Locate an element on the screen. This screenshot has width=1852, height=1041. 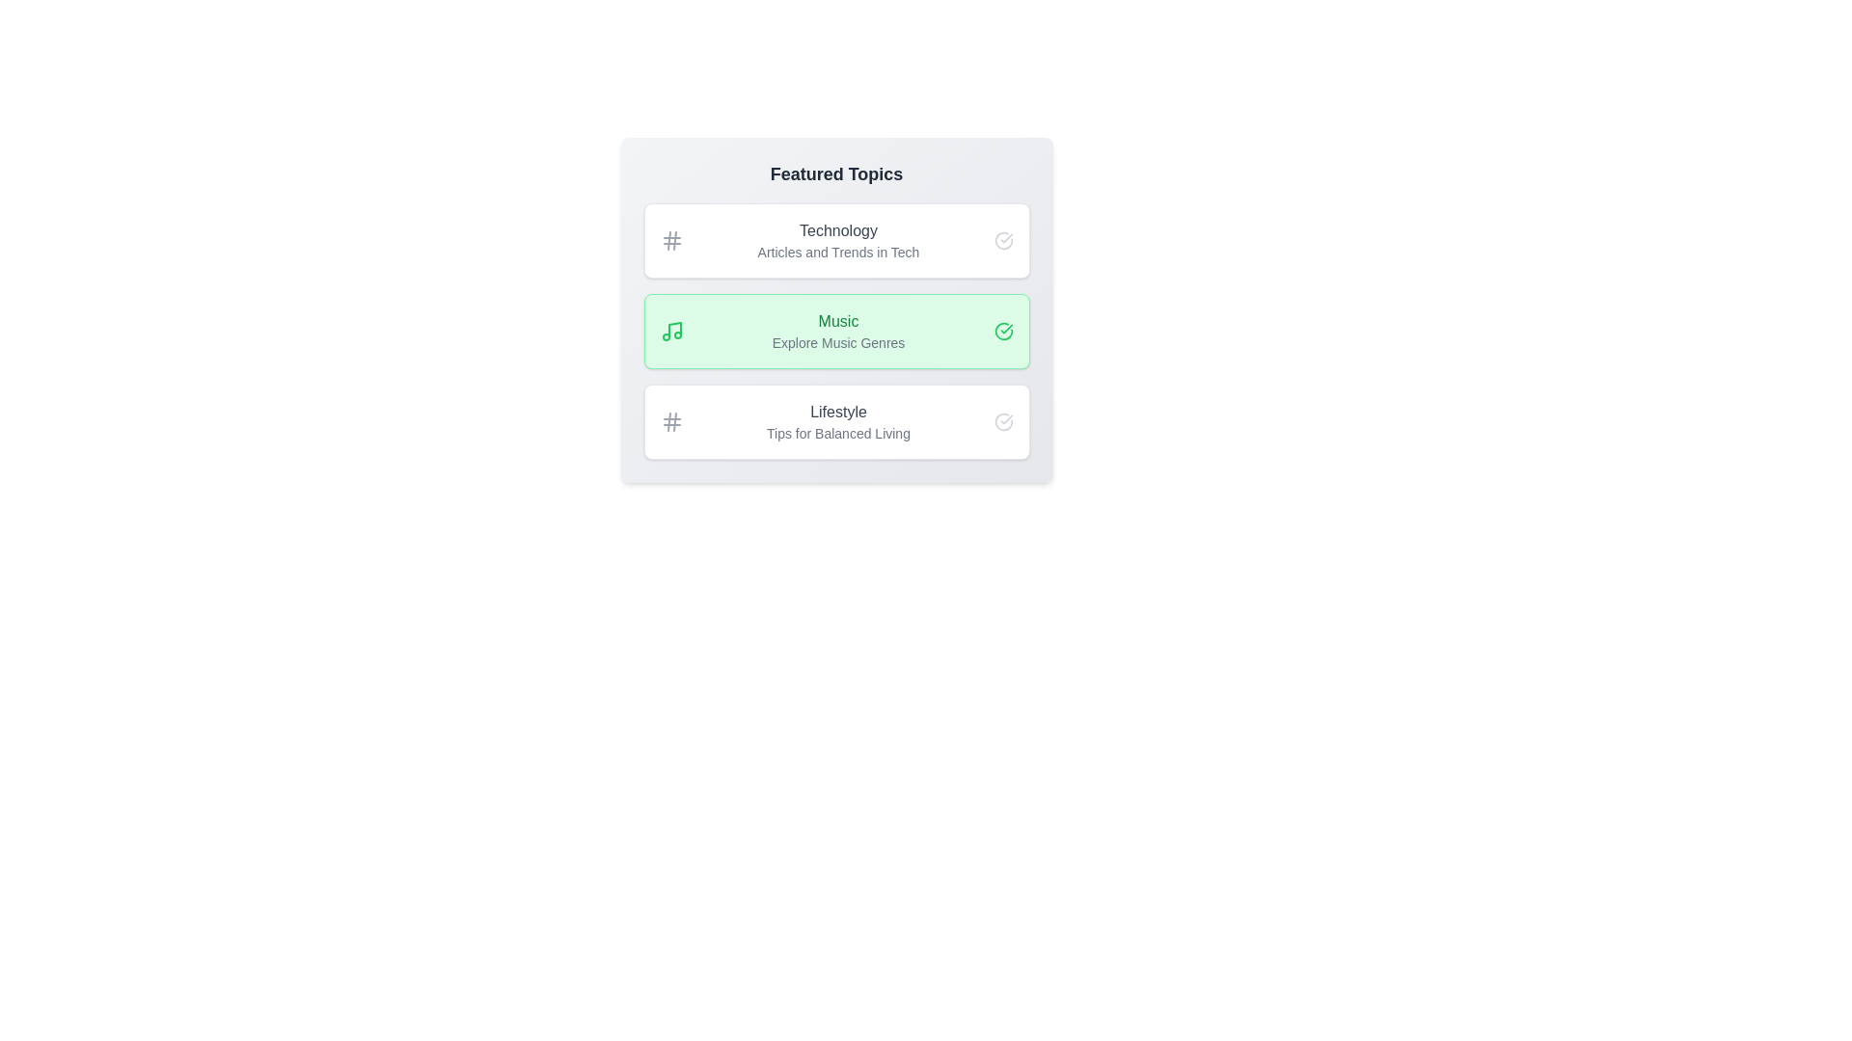
the chip labeled Technology is located at coordinates (836, 240).